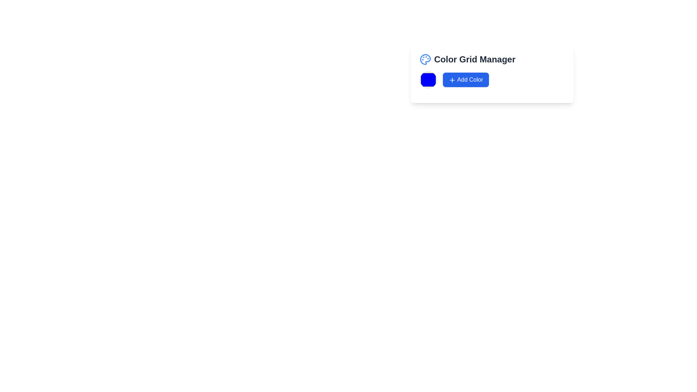 The width and height of the screenshot is (697, 392). Describe the element at coordinates (425, 59) in the screenshot. I see `the blue painter's palette icon located to the left of the 'Color Grid Manager' text` at that location.